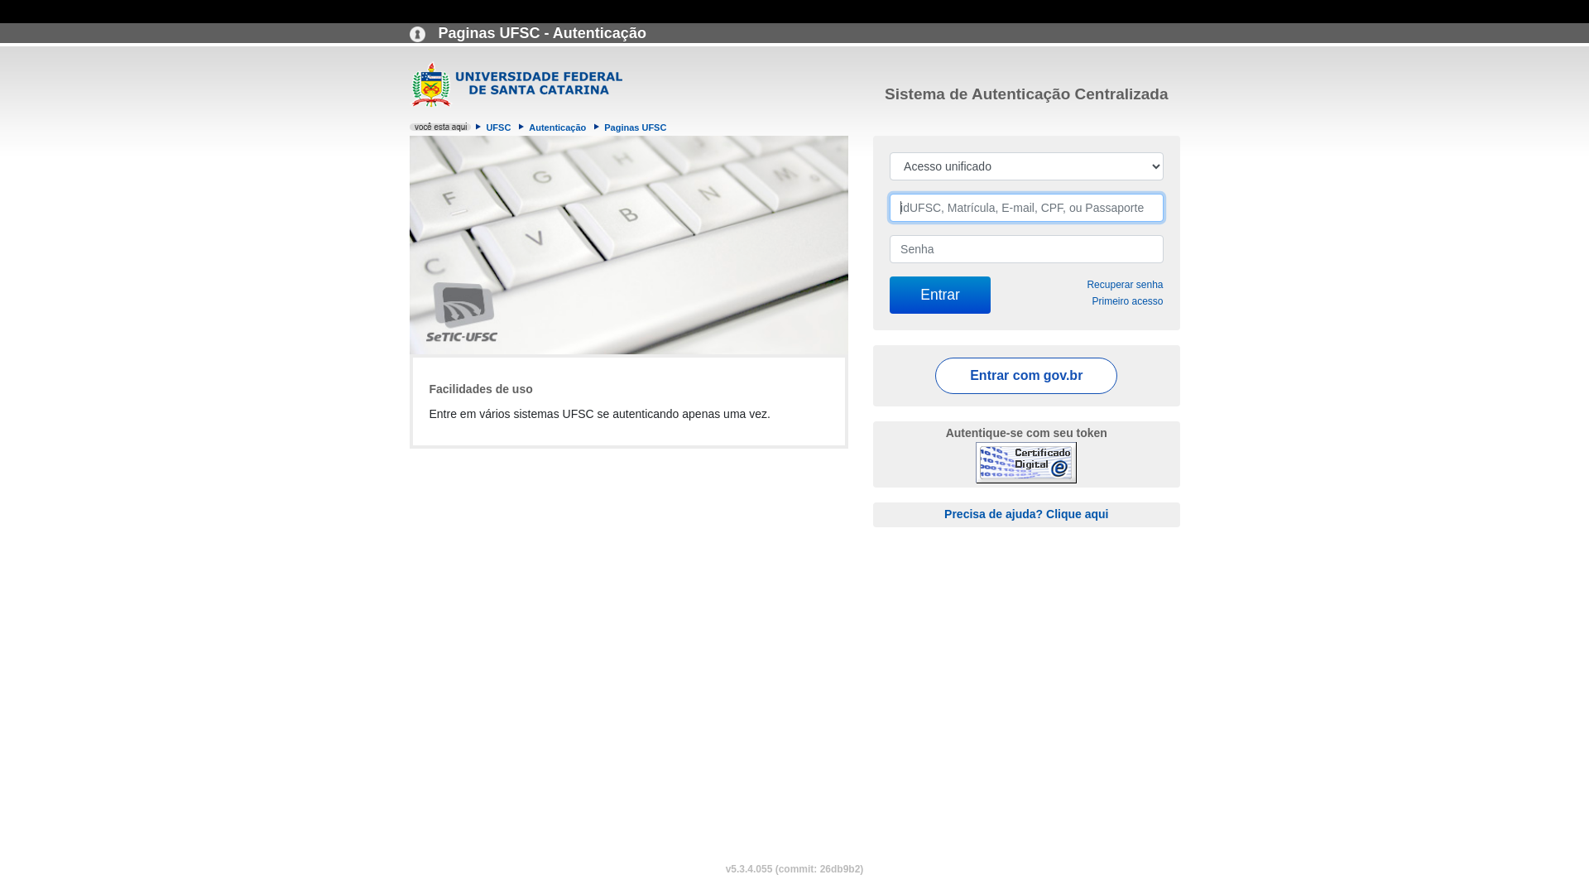 The image size is (1589, 894). What do you see at coordinates (634, 127) in the screenshot?
I see `'Paginas UFSC'` at bounding box center [634, 127].